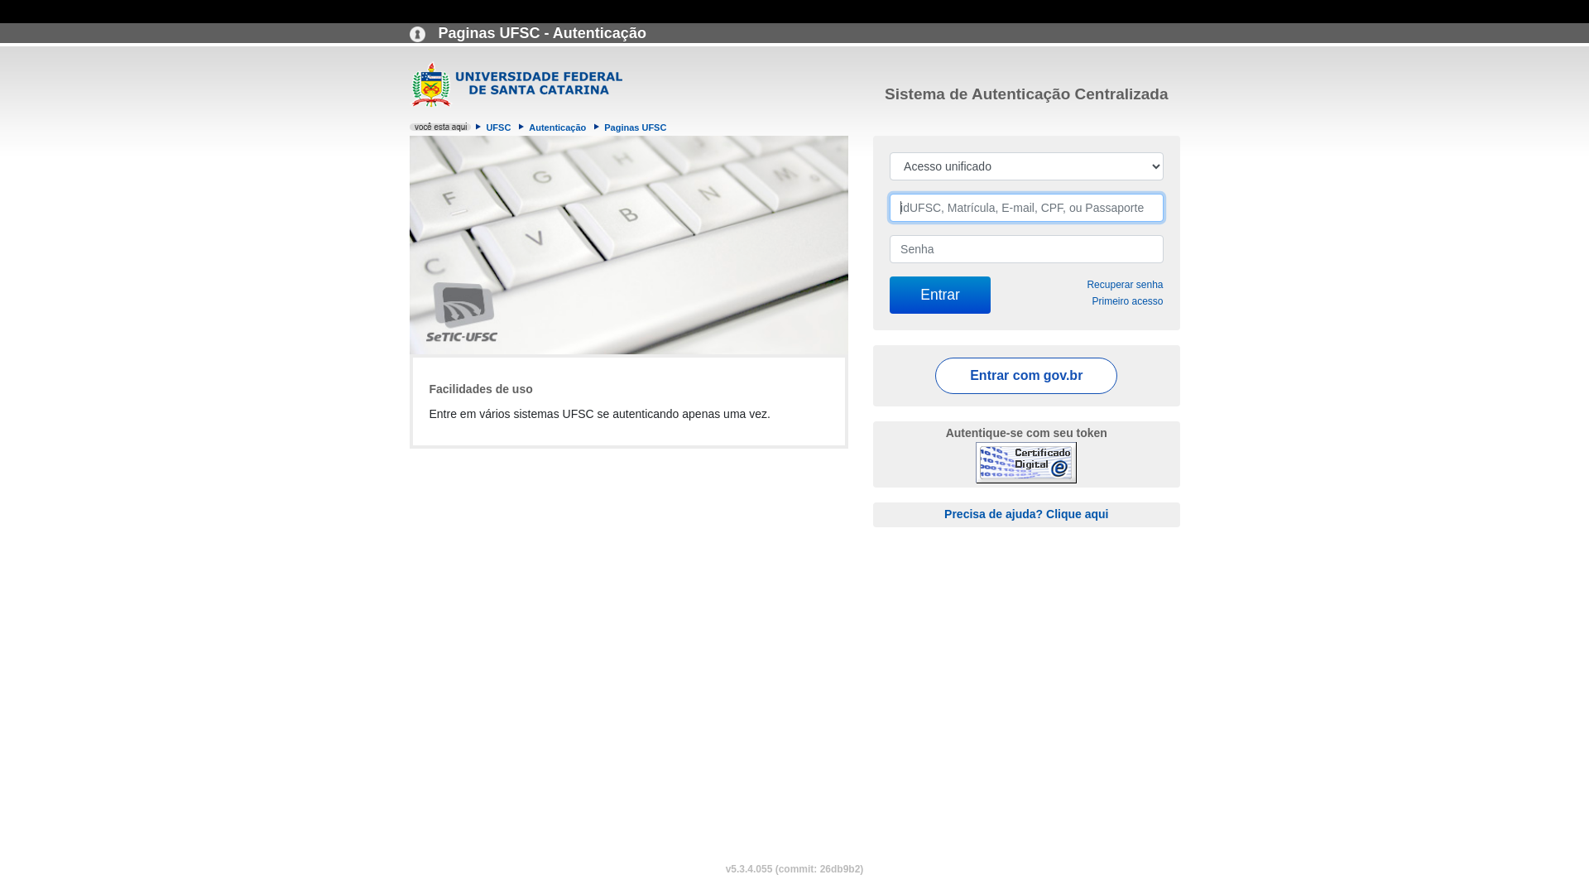 The image size is (1589, 894). What do you see at coordinates (634, 127) in the screenshot?
I see `'Paginas UFSC'` at bounding box center [634, 127].